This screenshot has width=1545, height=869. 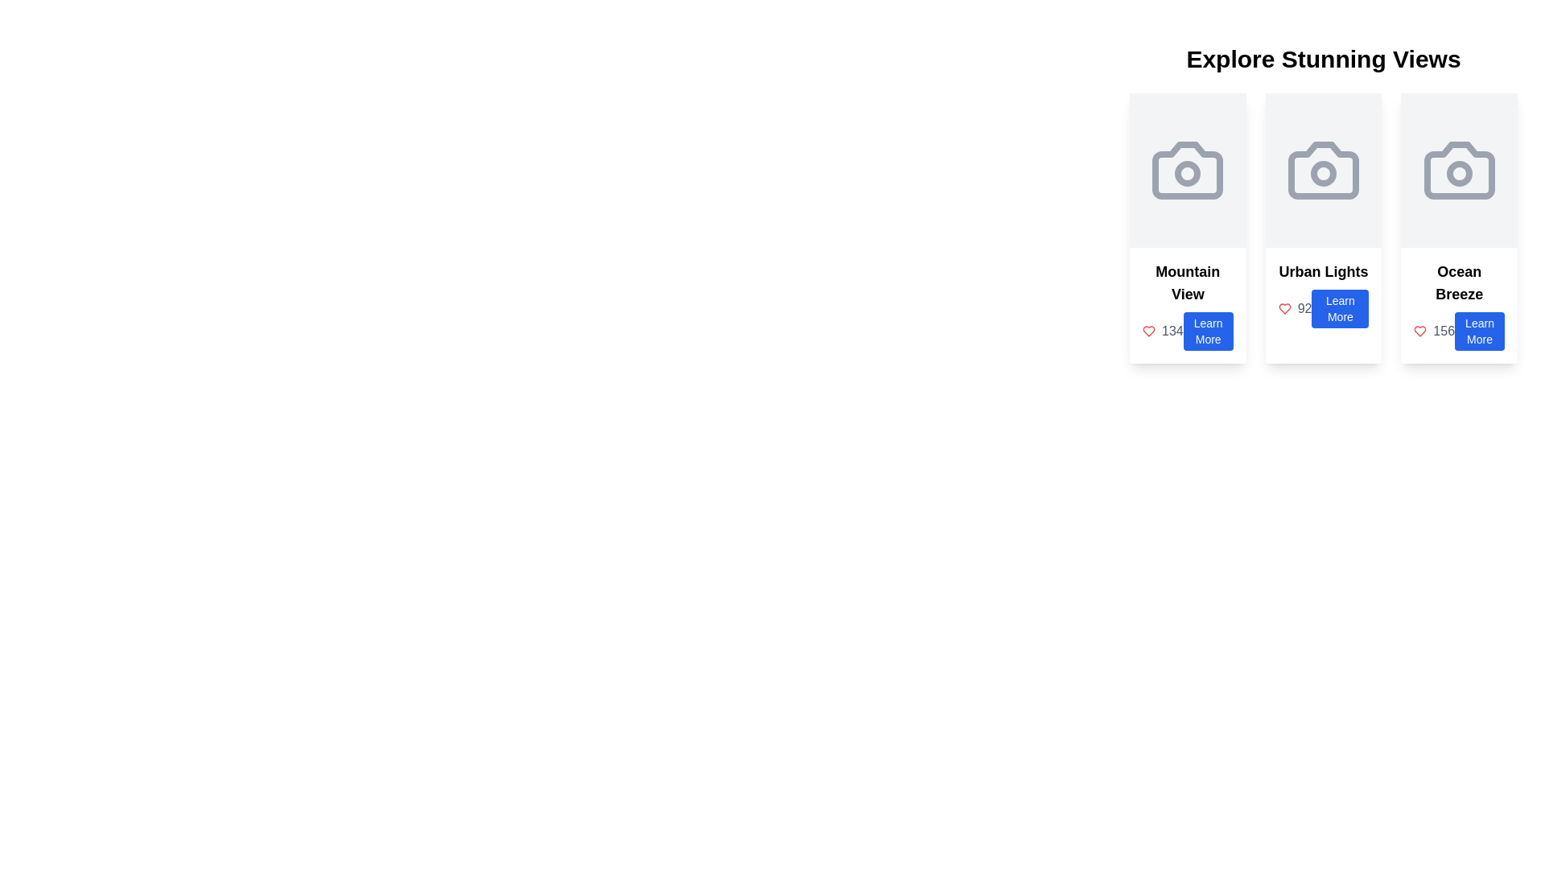 What do you see at coordinates (1324, 229) in the screenshot?
I see `the 'Urban Lights' informational card, which presents the number 92 and a blue 'Learn More' button, located in the second position of a row of three cards` at bounding box center [1324, 229].